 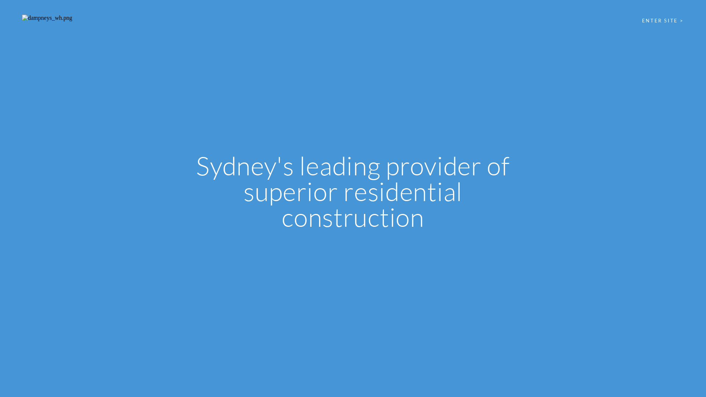 What do you see at coordinates (663, 21) in the screenshot?
I see `'ENTER SITE >'` at bounding box center [663, 21].